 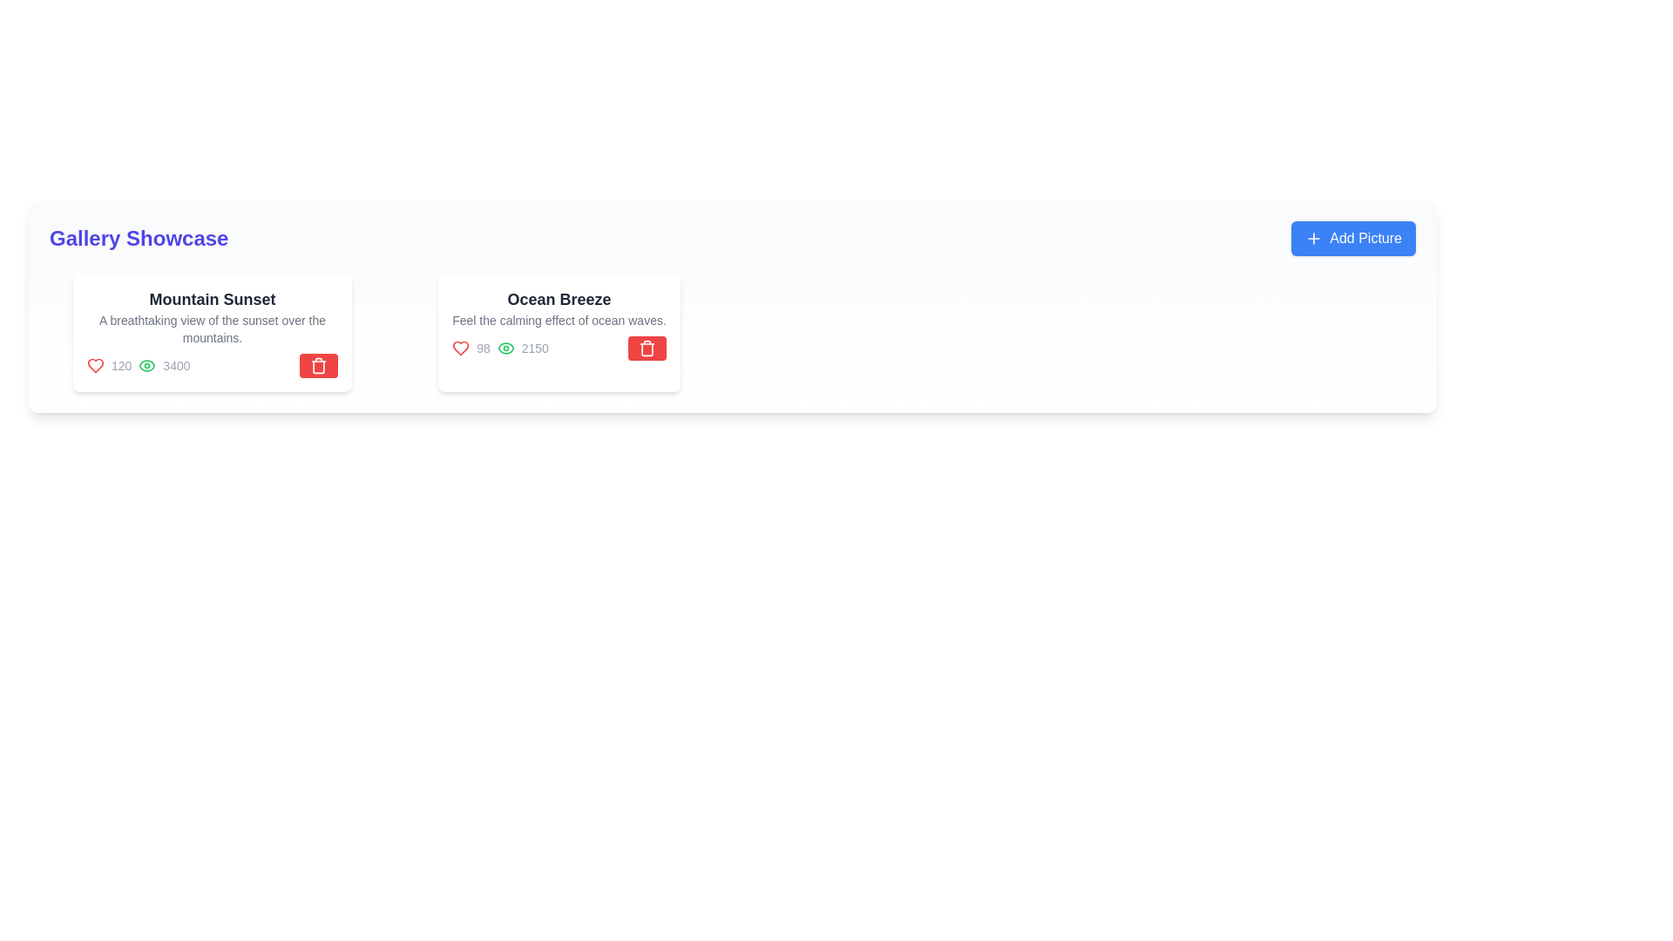 What do you see at coordinates (559, 298) in the screenshot?
I see `the text label that serves as the title of the card content, positioned at the top center of the second card in a horizontal list` at bounding box center [559, 298].